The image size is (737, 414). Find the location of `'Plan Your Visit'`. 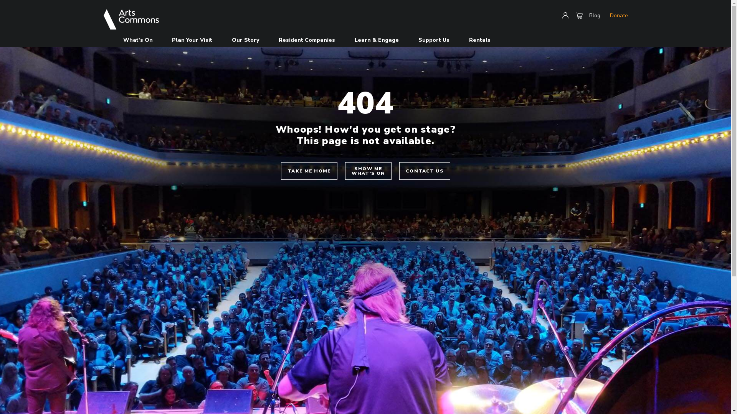

'Plan Your Visit' is located at coordinates (192, 40).